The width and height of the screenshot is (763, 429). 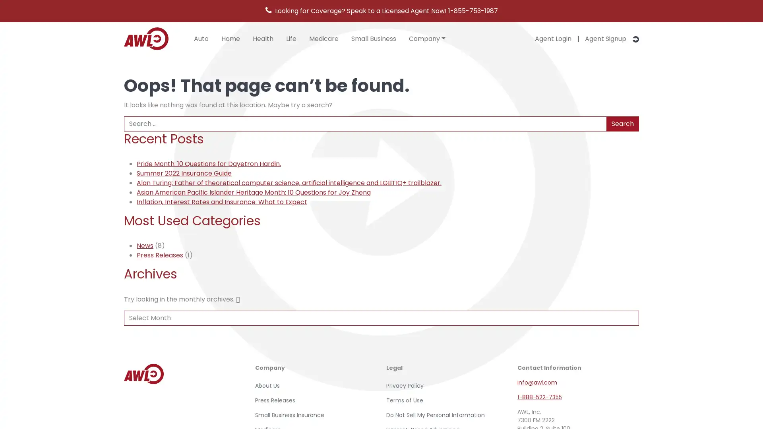 What do you see at coordinates (622, 124) in the screenshot?
I see `Search` at bounding box center [622, 124].